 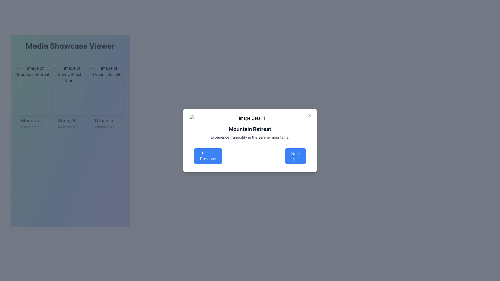 What do you see at coordinates (70, 123) in the screenshot?
I see `text from the text block titled 'Sunny Beach Vibes' that contains the description 'Relax by the golden sands and azure waves.'` at bounding box center [70, 123].